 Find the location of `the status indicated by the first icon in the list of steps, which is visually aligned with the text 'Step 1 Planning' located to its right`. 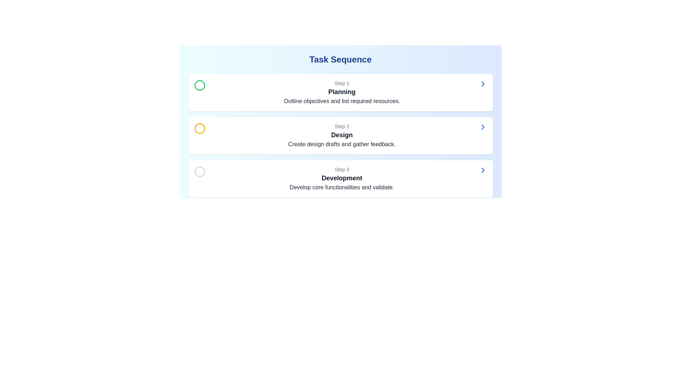

the status indicated by the first icon in the list of steps, which is visually aligned with the text 'Step 1 Planning' located to its right is located at coordinates (199, 85).